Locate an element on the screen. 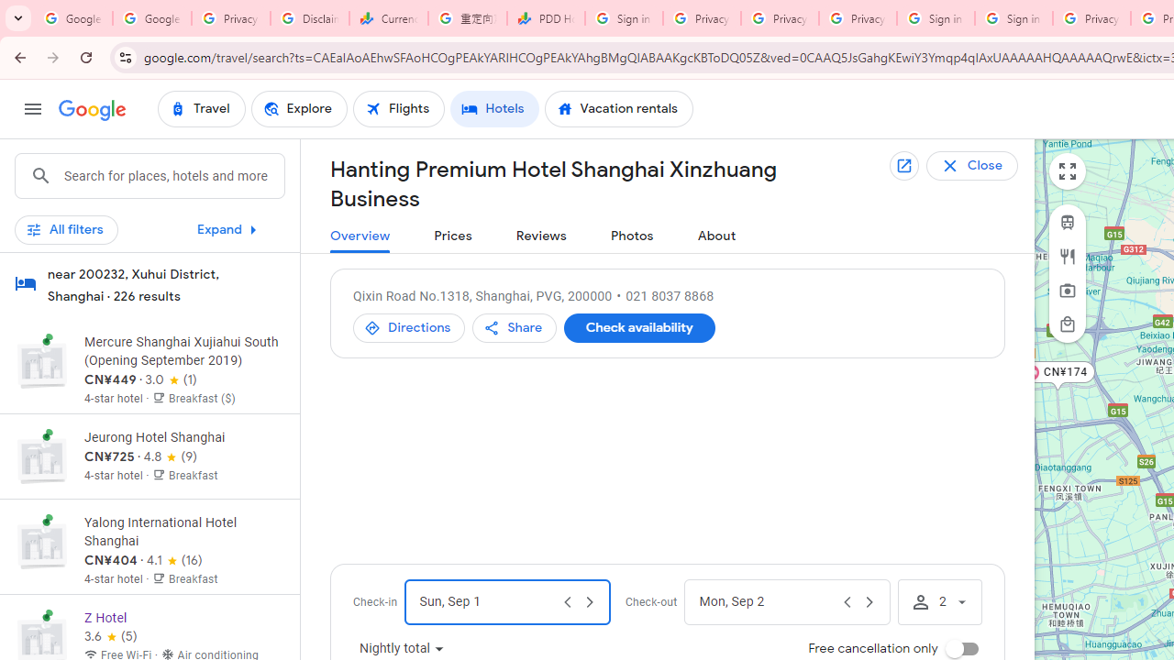 This screenshot has width=1174, height=660. 'Explore' is located at coordinates (298, 109).